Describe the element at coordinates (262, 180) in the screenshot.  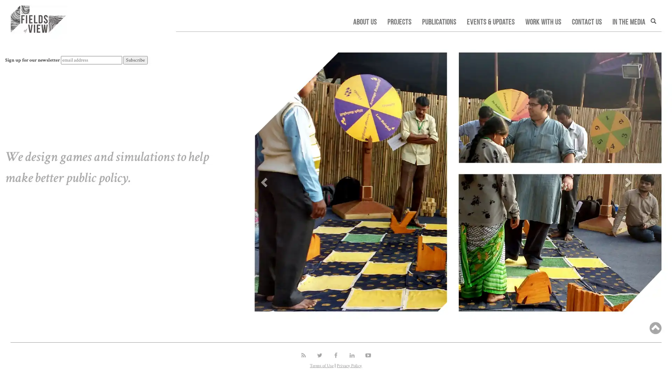
I see `Previous` at that location.